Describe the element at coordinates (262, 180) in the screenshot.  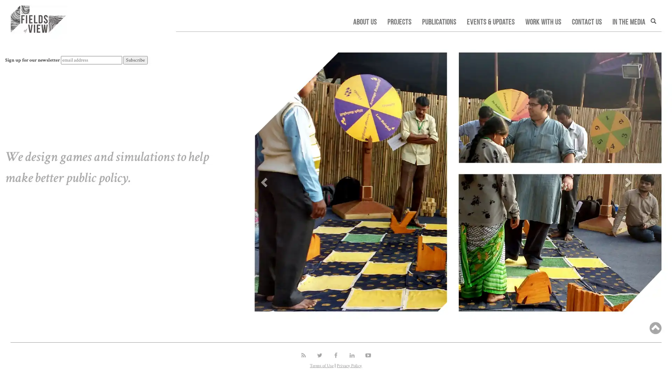
I see `Previous` at that location.